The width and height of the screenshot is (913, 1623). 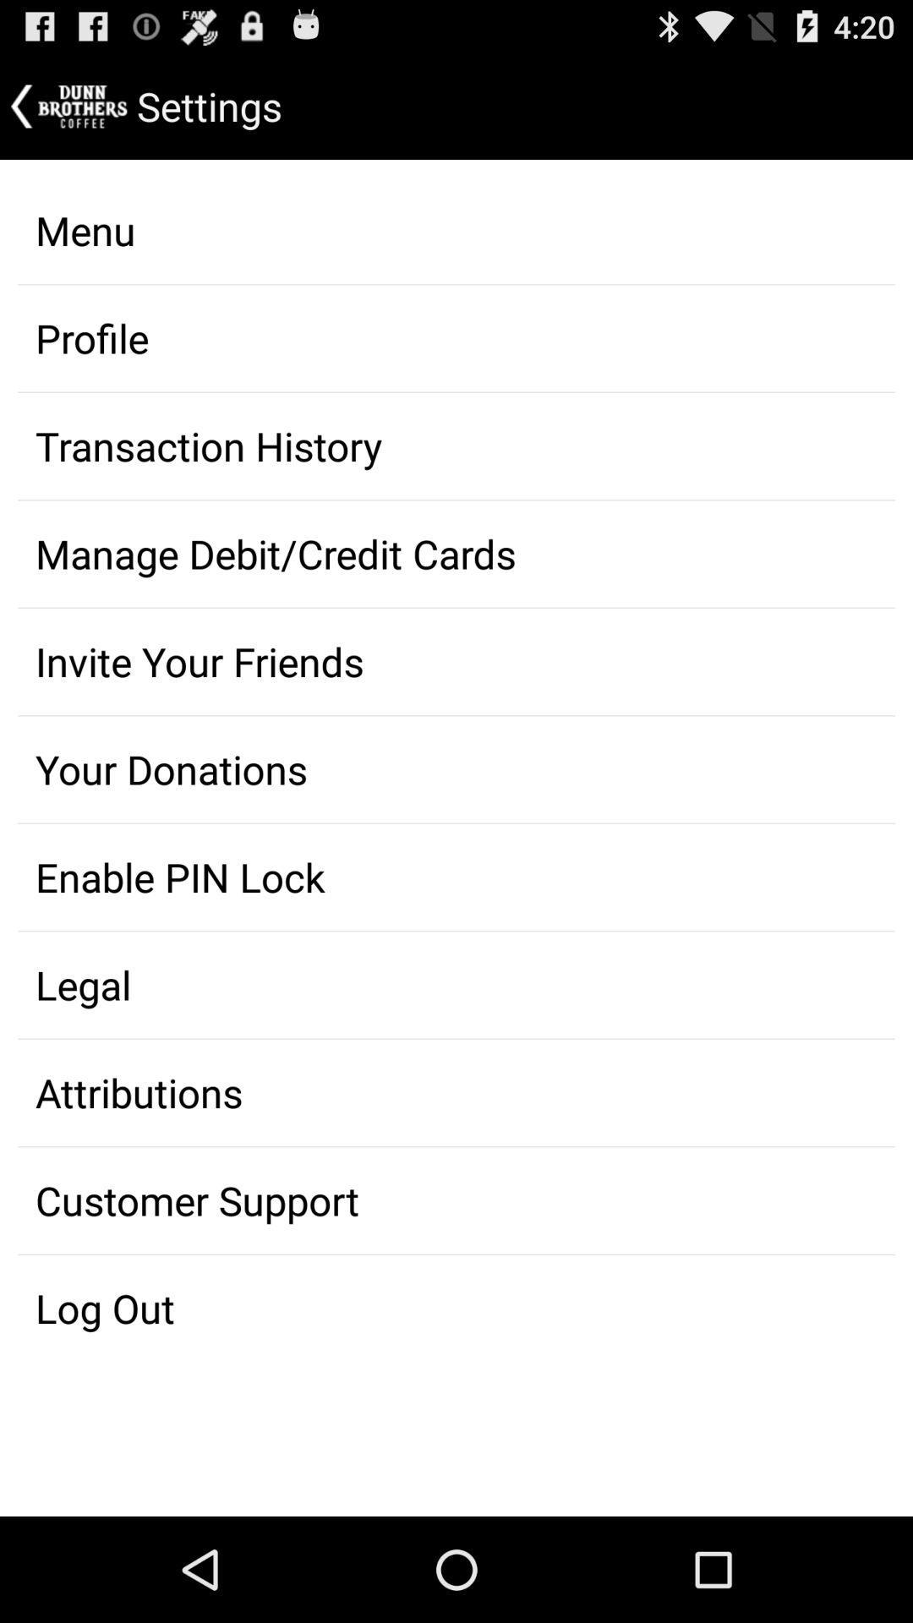 What do you see at coordinates (456, 660) in the screenshot?
I see `item above the your donations item` at bounding box center [456, 660].